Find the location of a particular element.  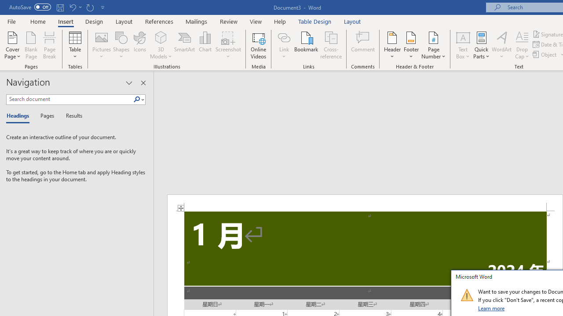

'Screenshot' is located at coordinates (228, 45).